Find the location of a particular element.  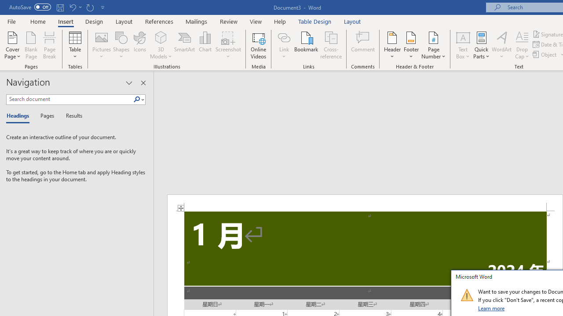

'Screenshot' is located at coordinates (228, 45).